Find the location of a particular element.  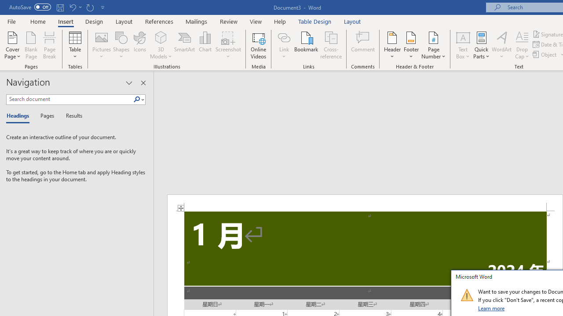

'Screenshot' is located at coordinates (228, 45).